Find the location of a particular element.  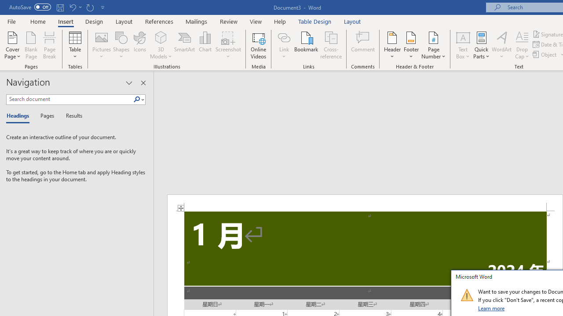

'Screenshot' is located at coordinates (228, 45).